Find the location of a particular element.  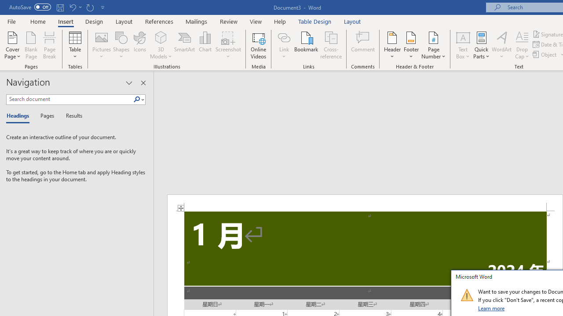

'Screenshot' is located at coordinates (228, 45).